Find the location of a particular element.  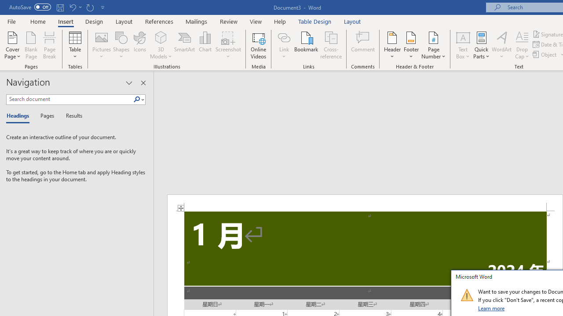

'Screenshot' is located at coordinates (228, 45).